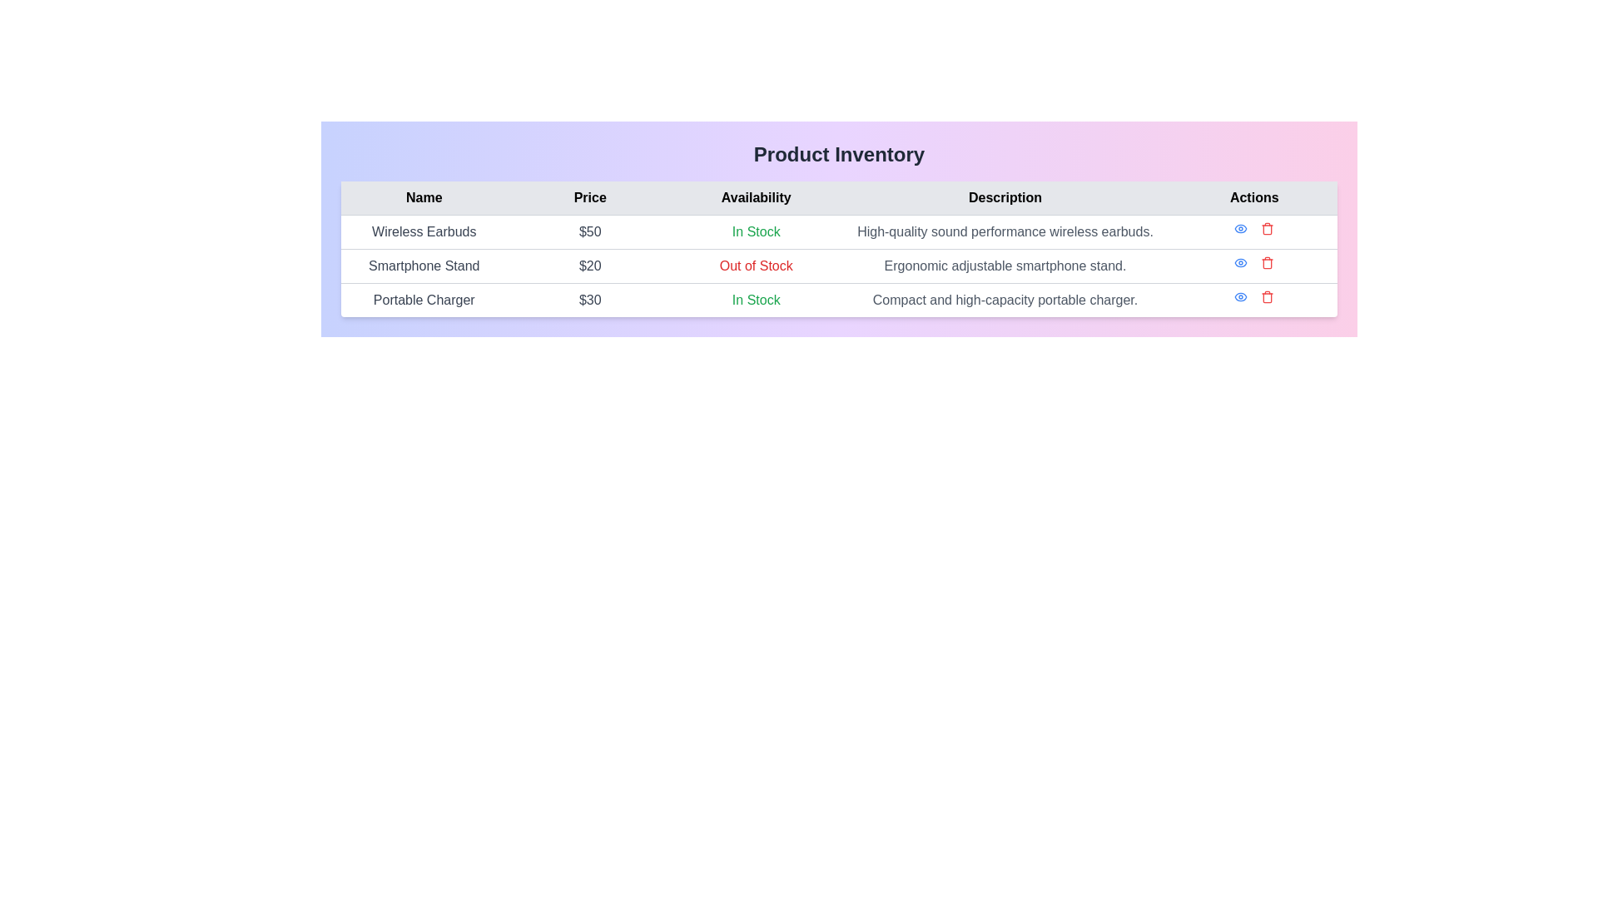 This screenshot has height=899, width=1598. Describe the element at coordinates (590, 231) in the screenshot. I see `the text label displaying '$50' in the 'Price' column for 'Wireless Earbuds', which is styled in bold and centered on a white background` at that location.